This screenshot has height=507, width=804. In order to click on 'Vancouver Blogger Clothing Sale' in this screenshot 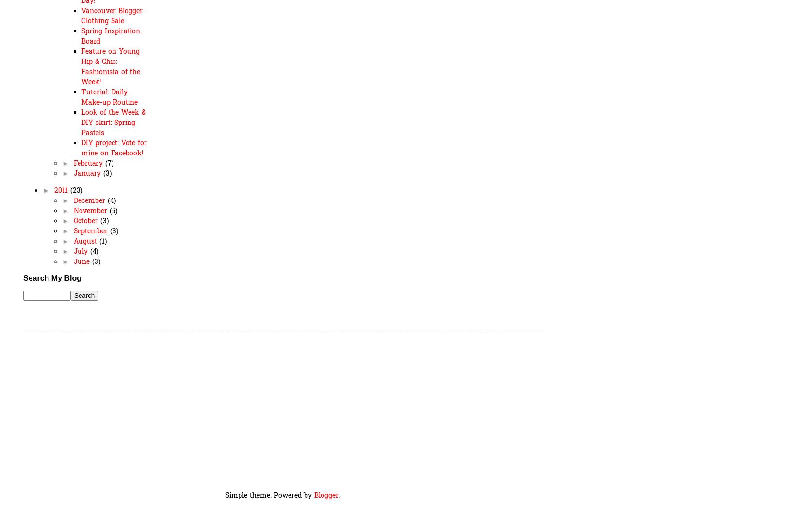, I will do `click(112, 15)`.